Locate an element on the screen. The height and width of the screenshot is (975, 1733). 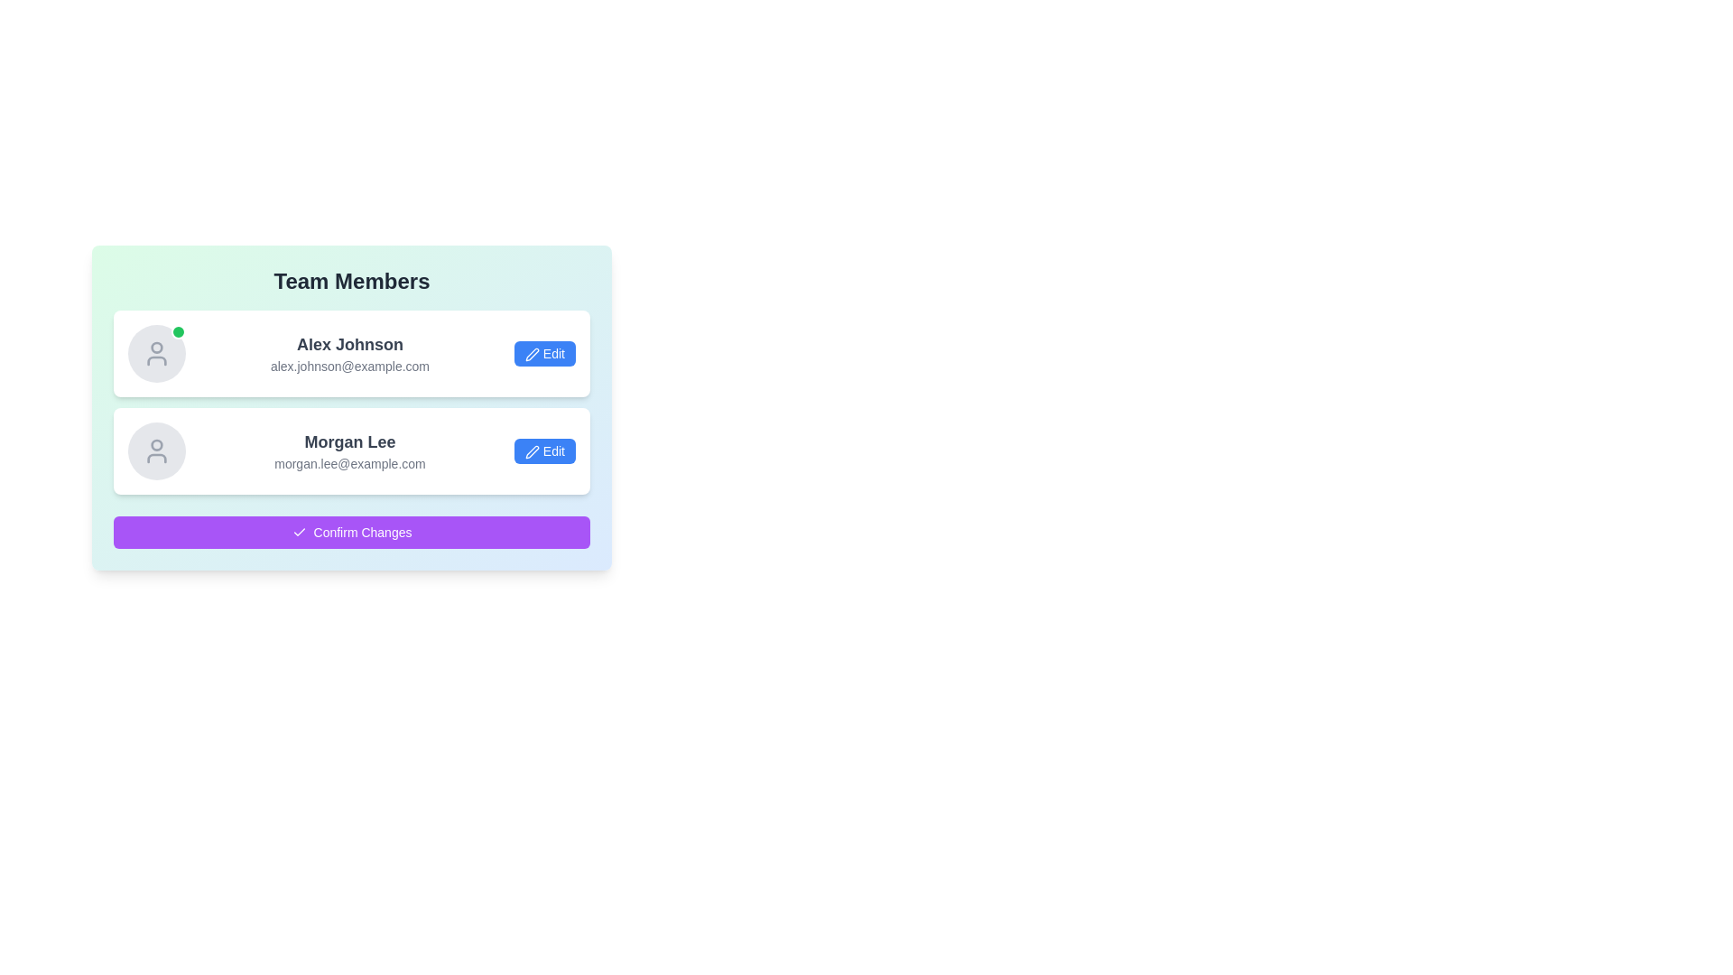
the pen icon located to the right of the 'Edit' button associated with the user 'Alex Johnson' to initiate editing is located at coordinates (532, 355).